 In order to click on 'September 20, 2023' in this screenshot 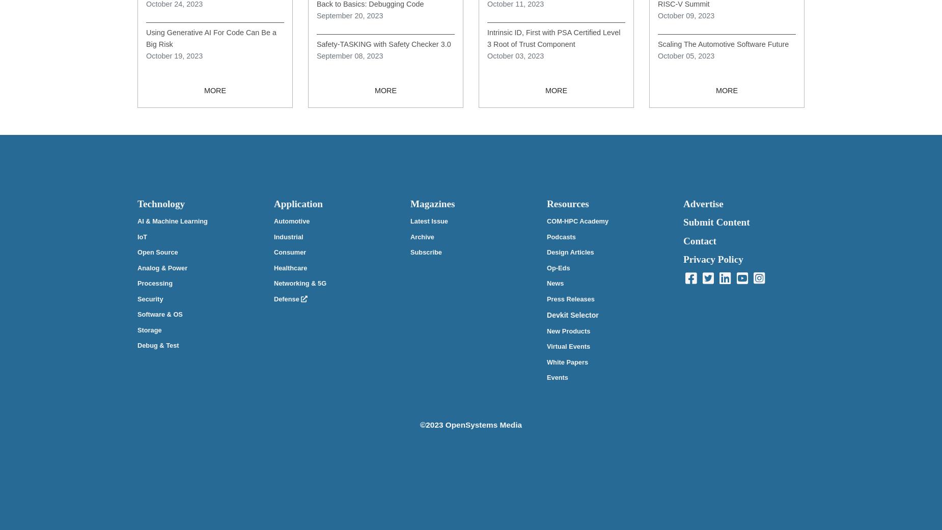, I will do `click(350, 14)`.